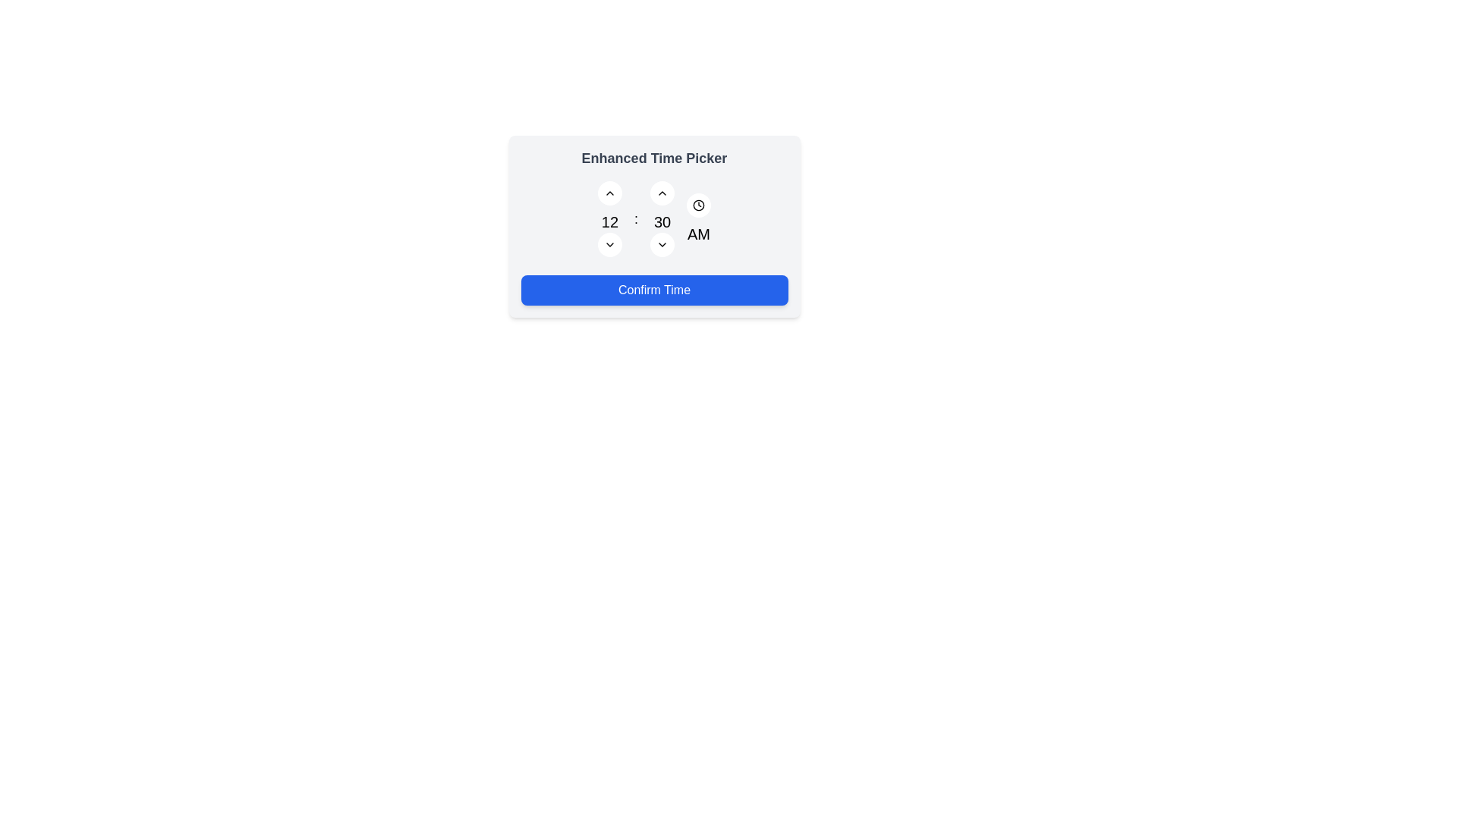 The image size is (1457, 819). I want to click on the Text label indicating the current state of the clock (AM/PM) located at the bottom right of the time picker layout, below the clock icon, so click(698, 219).